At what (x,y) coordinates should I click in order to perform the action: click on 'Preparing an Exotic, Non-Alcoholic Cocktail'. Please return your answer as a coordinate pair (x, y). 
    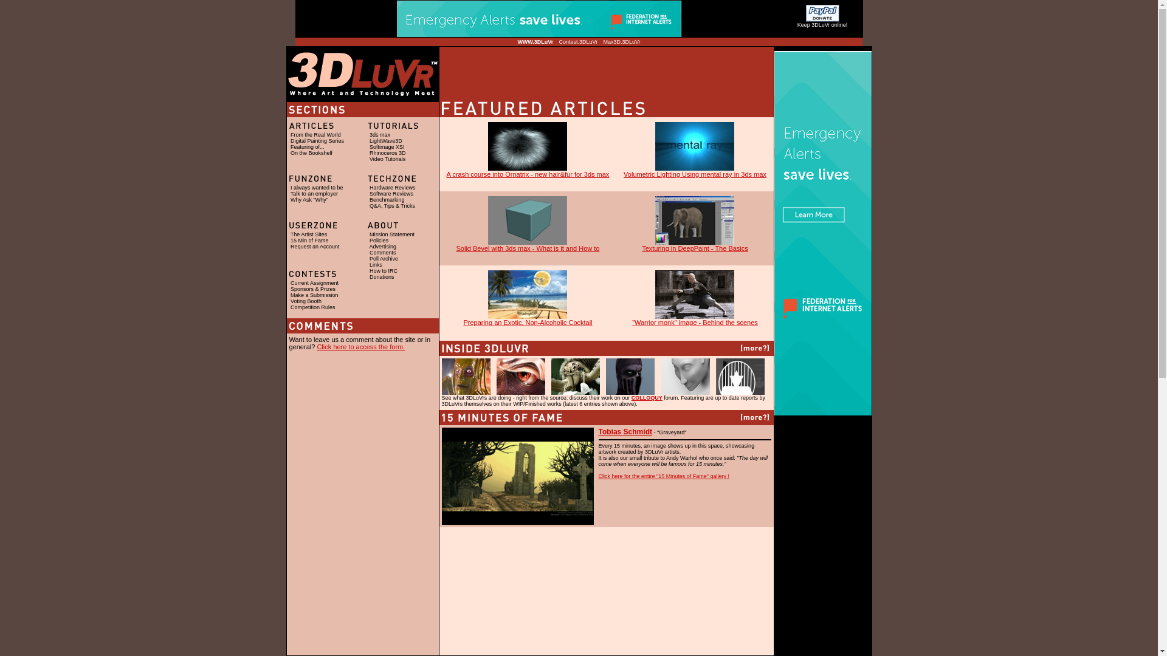
    Looking at the image, I should click on (528, 318).